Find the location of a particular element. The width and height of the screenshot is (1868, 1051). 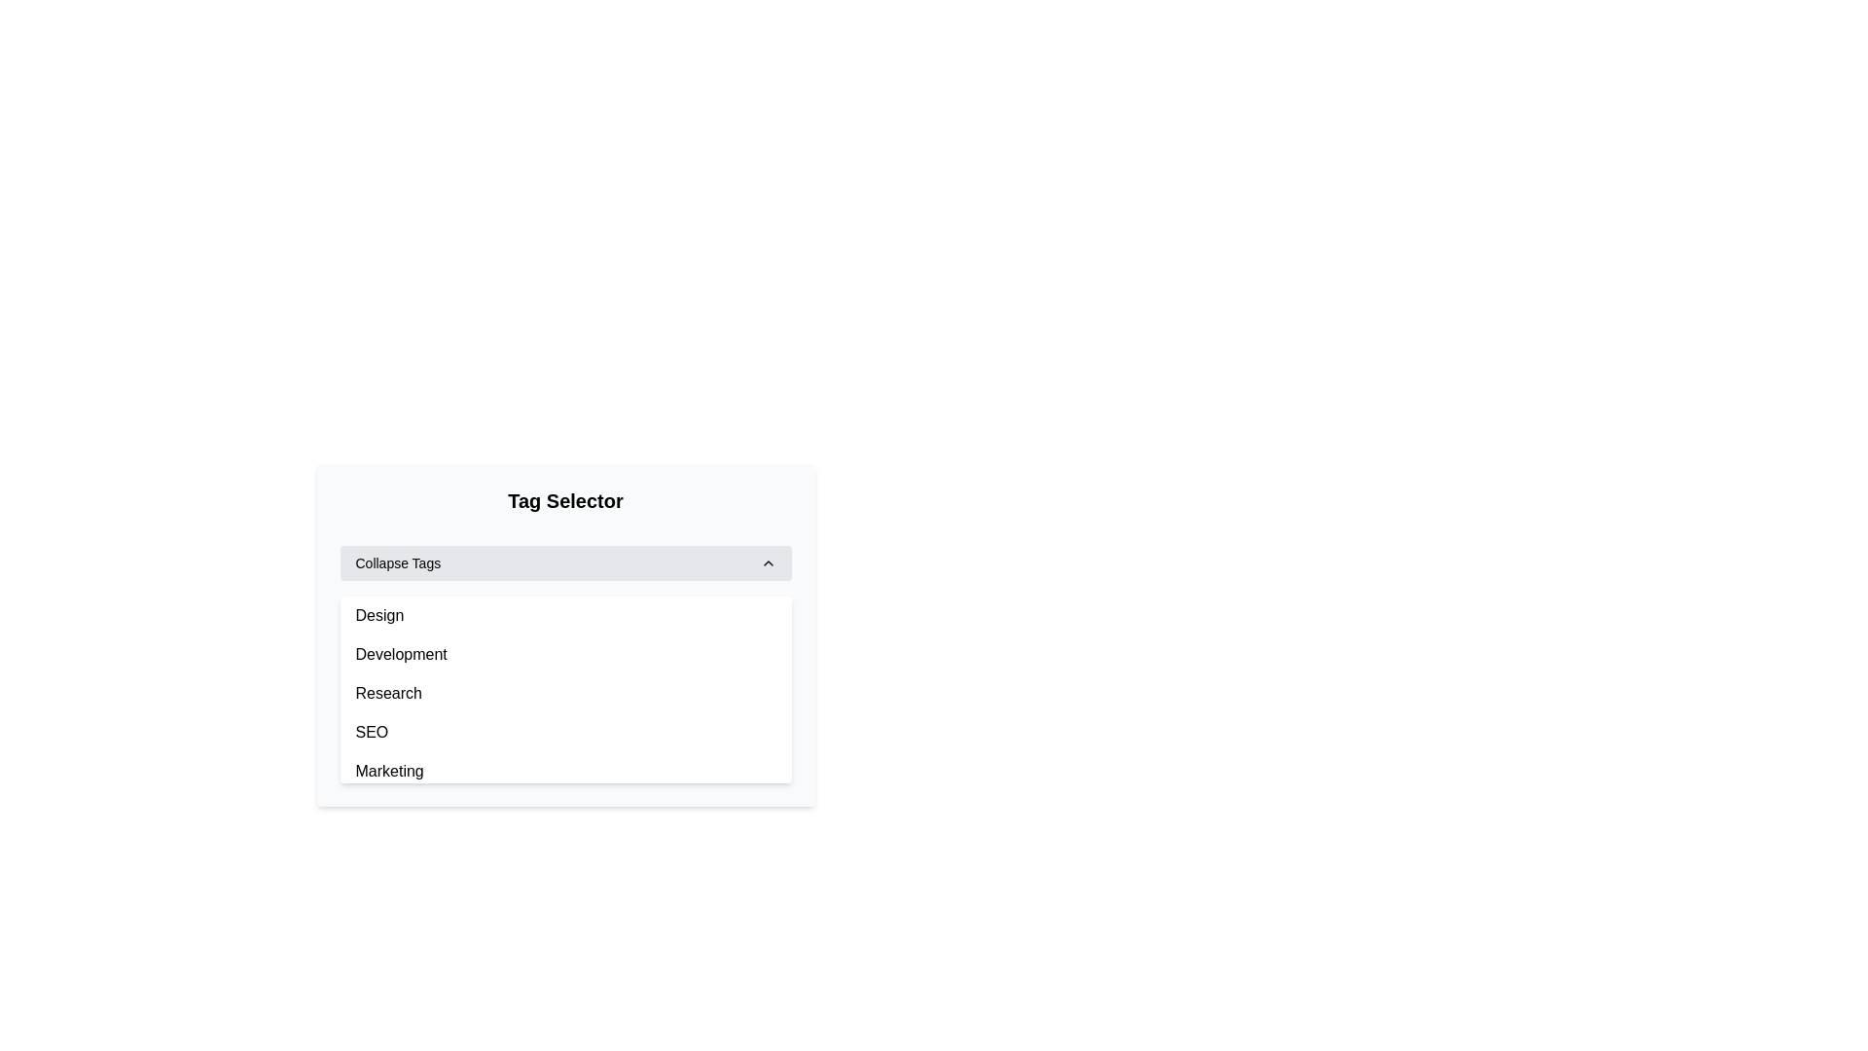

the 'Development' list item in the dropdown under the 'Collapse Tags' section is located at coordinates (564, 650).